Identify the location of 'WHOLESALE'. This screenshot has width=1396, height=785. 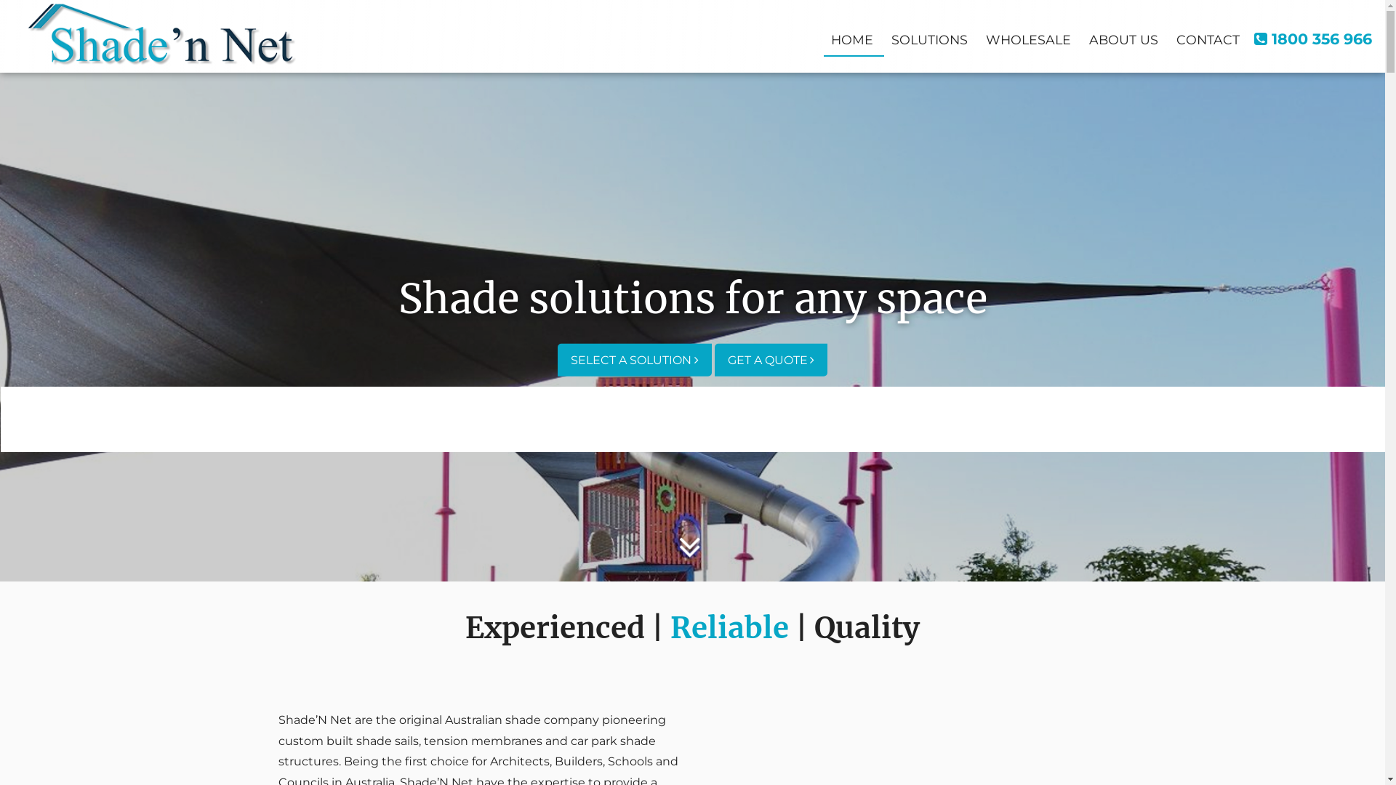
(1027, 37).